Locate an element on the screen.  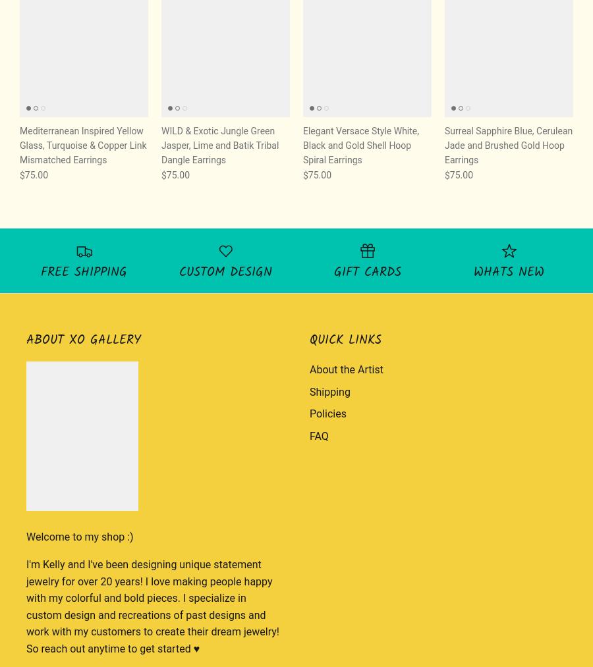
'Elegant Versace Style White, Black and Gold Shell Hoop Spiral Earrings' is located at coordinates (360, 144).